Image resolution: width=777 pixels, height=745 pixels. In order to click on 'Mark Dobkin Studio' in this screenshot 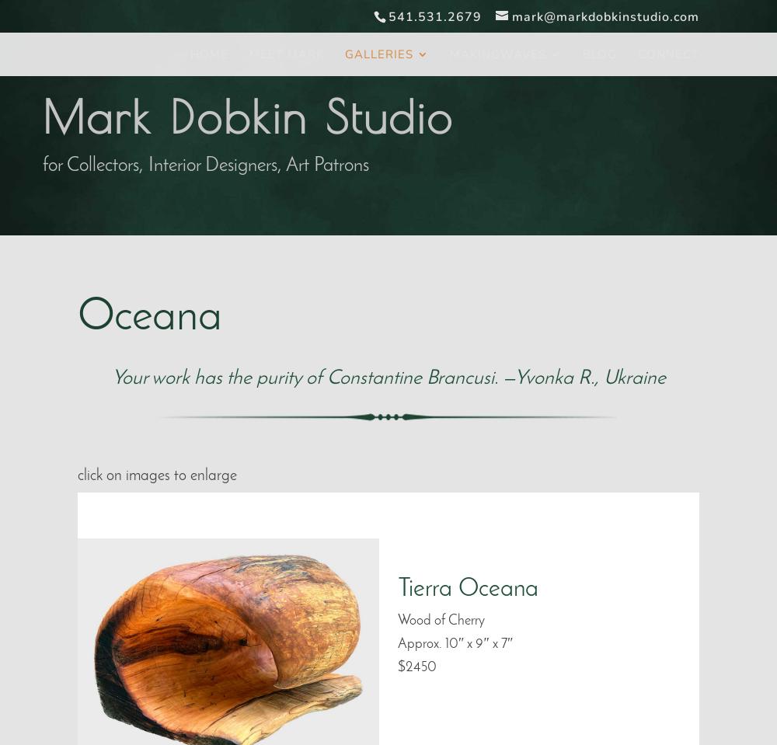, I will do `click(247, 115)`.